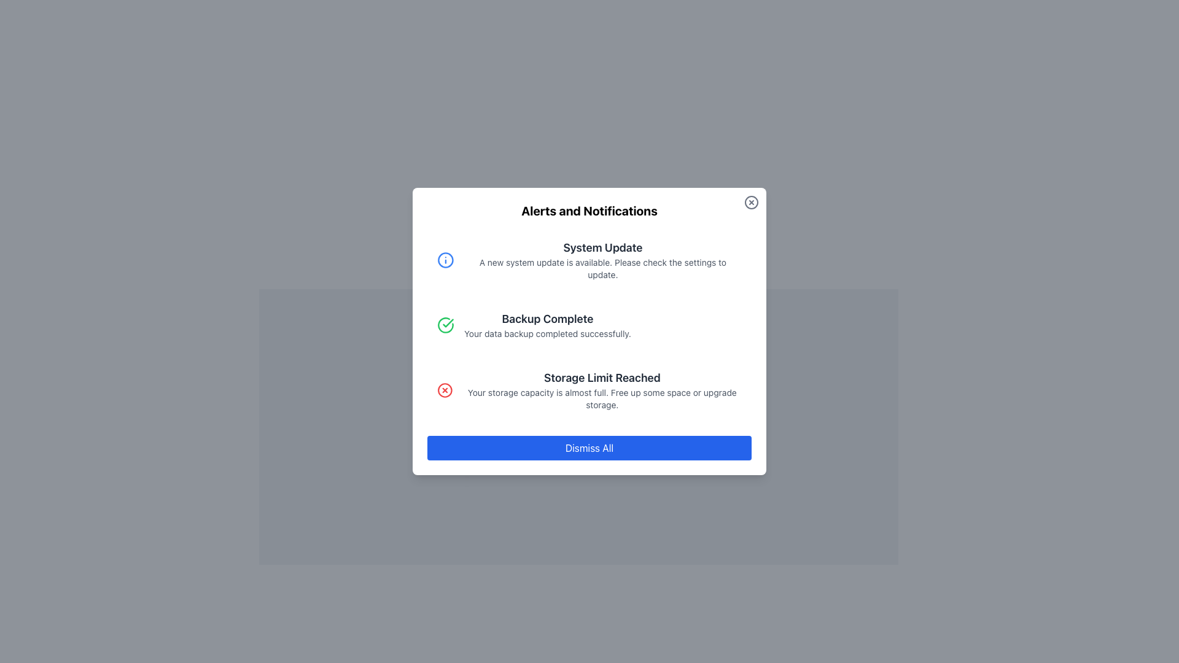 This screenshot has height=663, width=1179. What do you see at coordinates (589, 448) in the screenshot?
I see `the dismiss notifications button located at the bottom of the modal, which triggers a hover effect to indicate interactivity` at bounding box center [589, 448].